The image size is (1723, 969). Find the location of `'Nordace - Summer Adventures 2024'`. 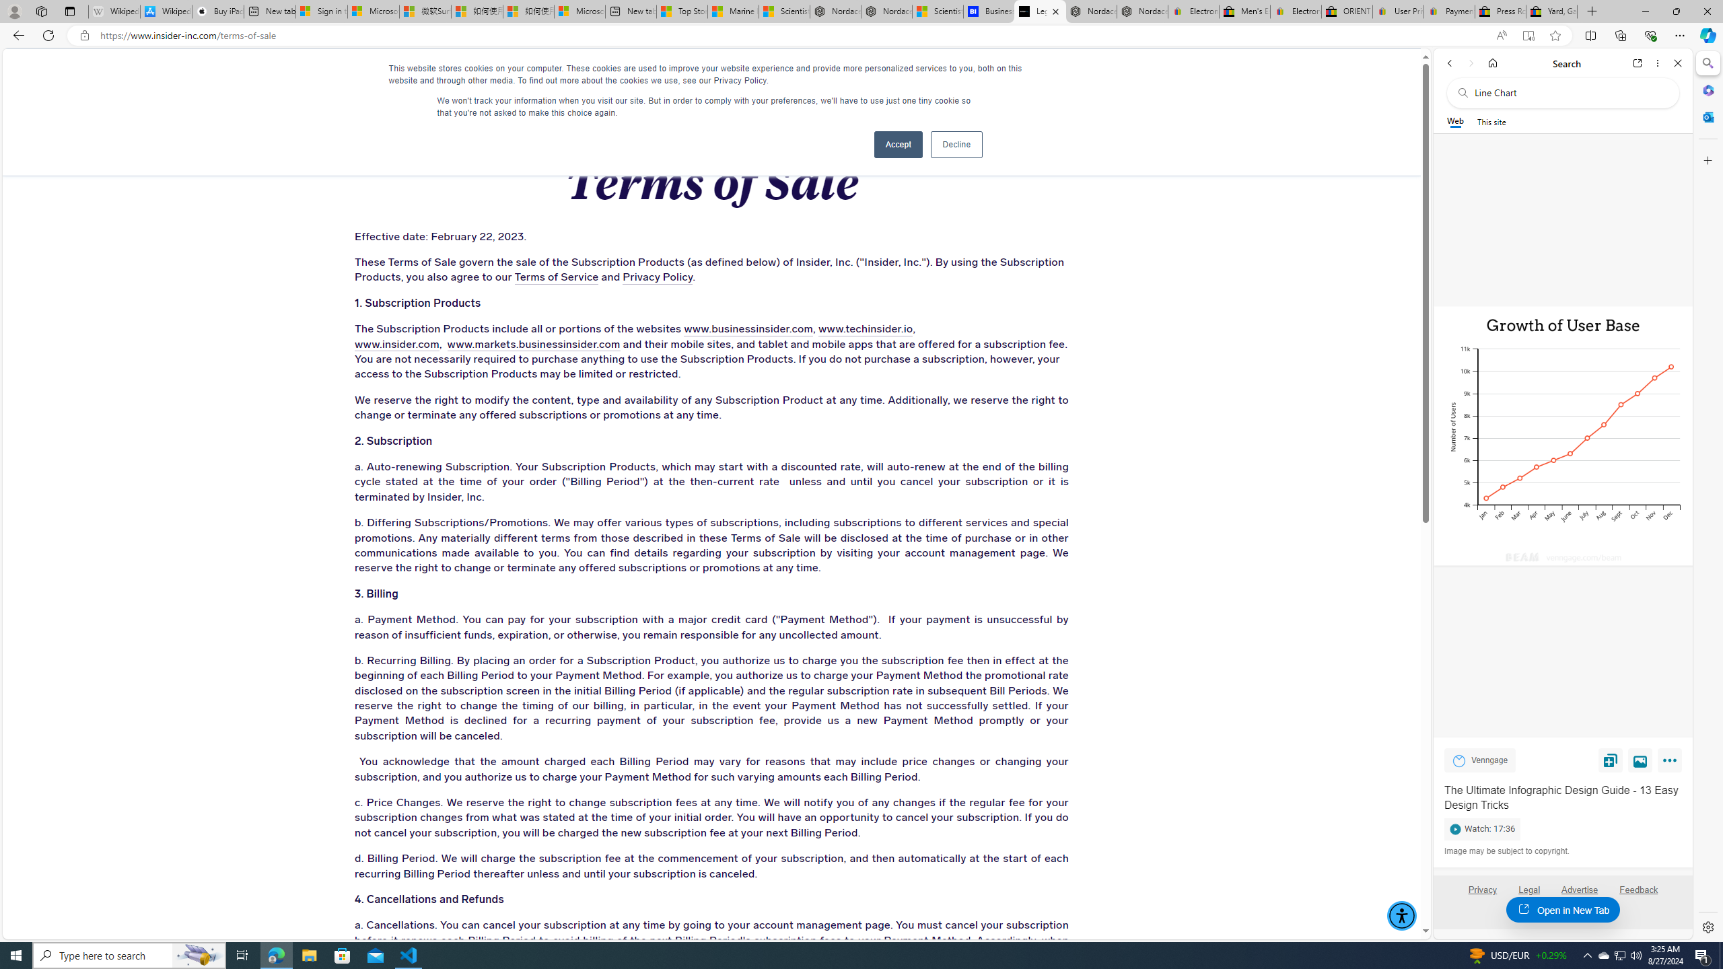

'Nordace - Summer Adventures 2024' is located at coordinates (1091, 11).